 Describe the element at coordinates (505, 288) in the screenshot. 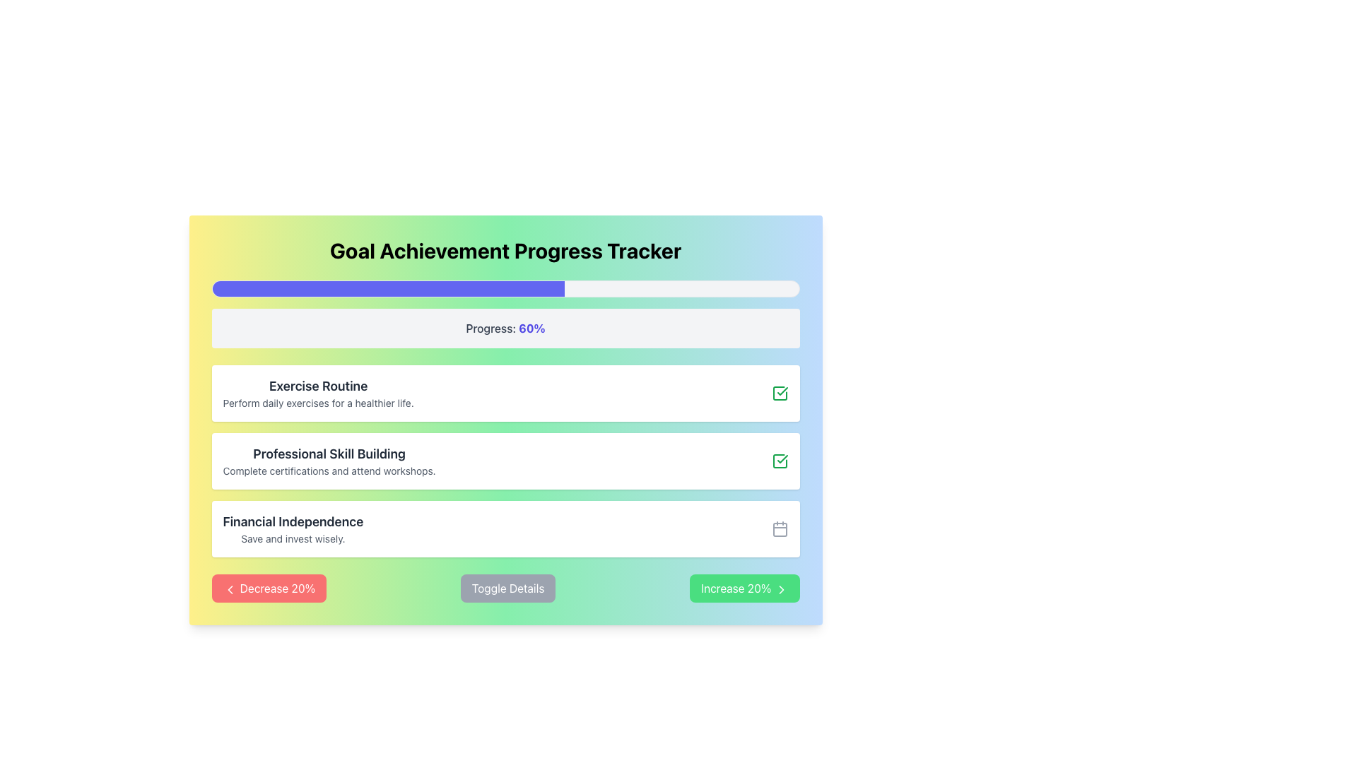

I see `the horizontal progress bar indicating 60% completion, which is styled with rounded edges and a gray background, located below the 'Goal Achievement Progress Tracker' title` at that location.